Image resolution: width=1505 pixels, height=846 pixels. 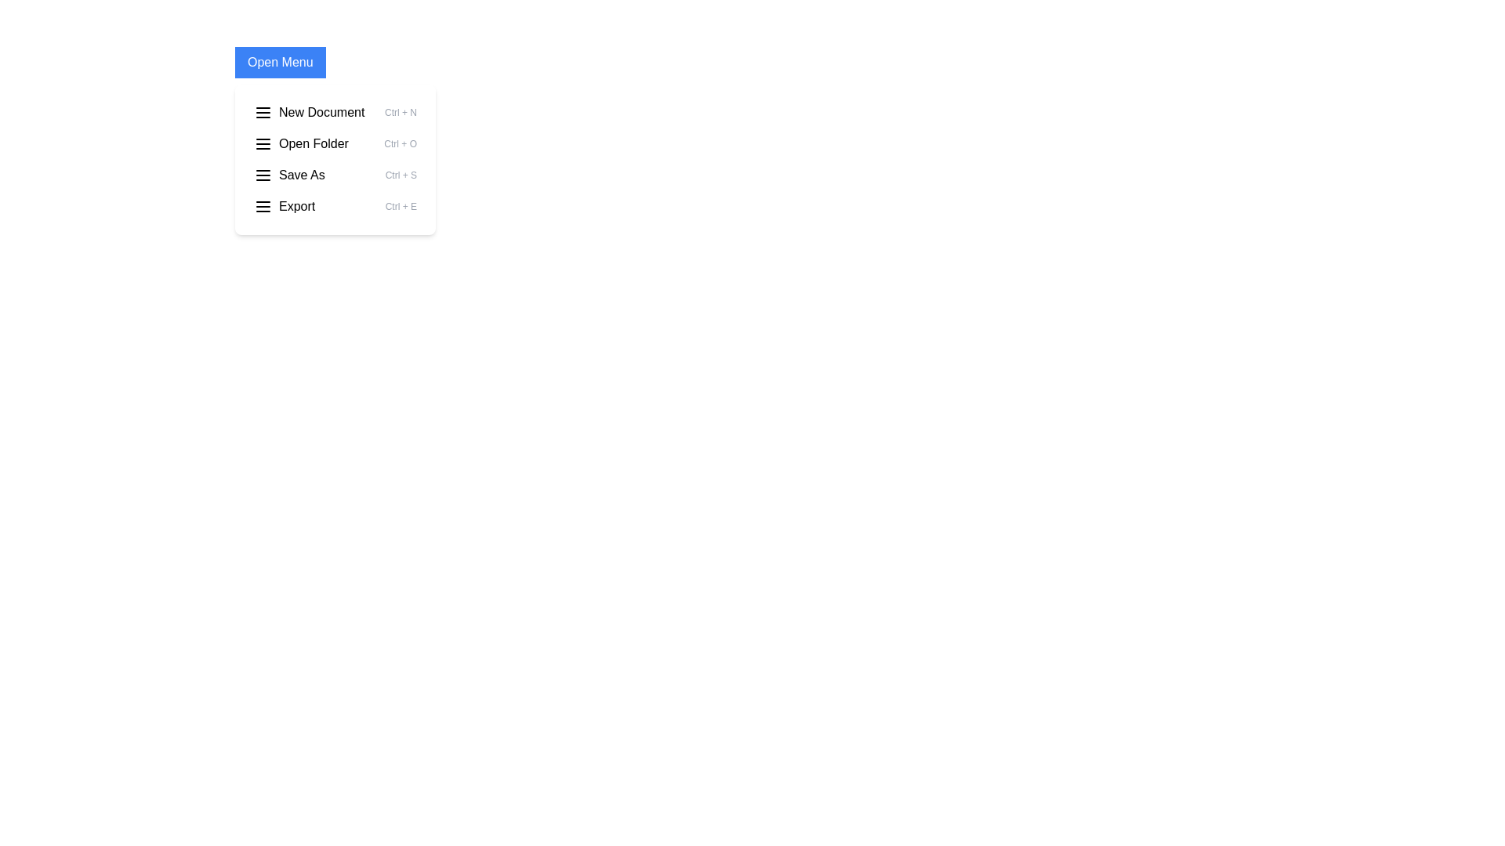 What do you see at coordinates (334, 160) in the screenshot?
I see `to select the second entry in the dropdown menu that allows users` at bounding box center [334, 160].